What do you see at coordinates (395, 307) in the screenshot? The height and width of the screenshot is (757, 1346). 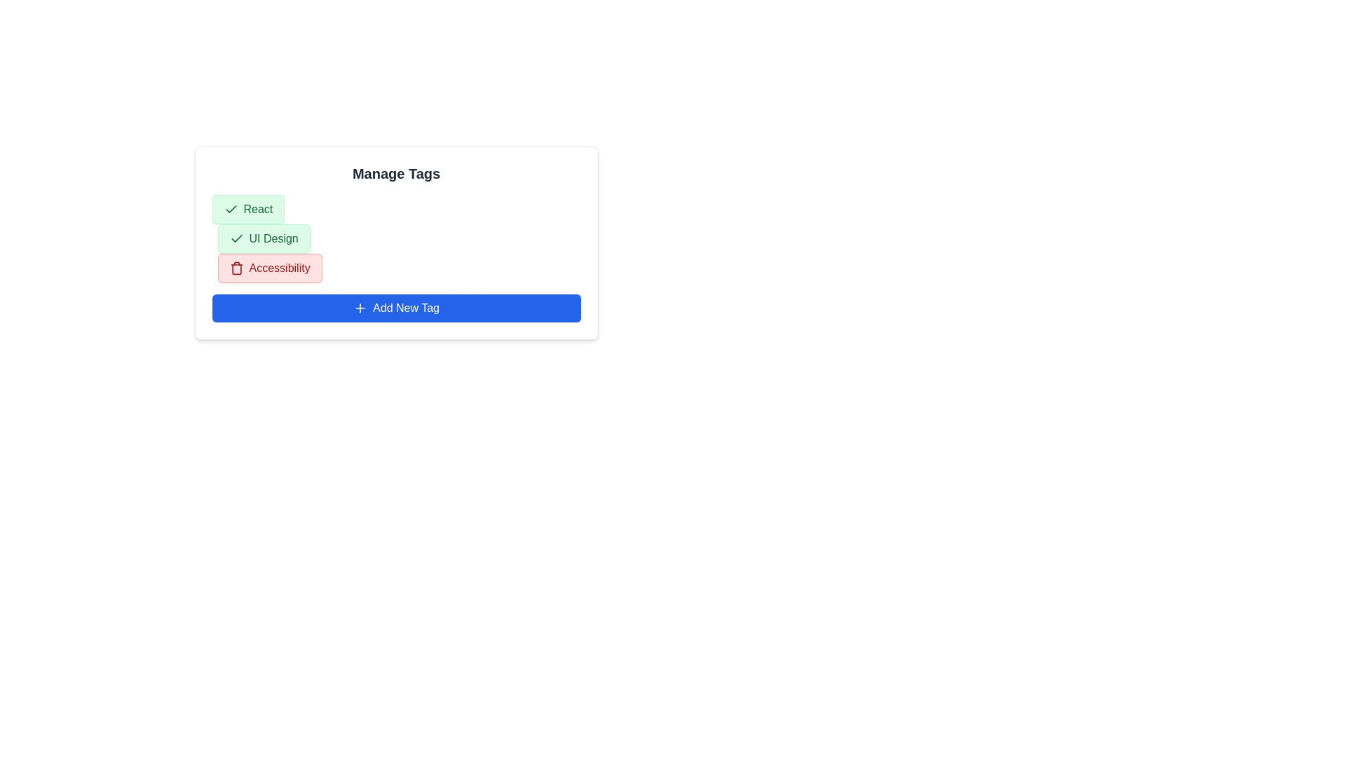 I see `the button used to add a new tag located at the bottom of the 'Manage Tags' section` at bounding box center [395, 307].